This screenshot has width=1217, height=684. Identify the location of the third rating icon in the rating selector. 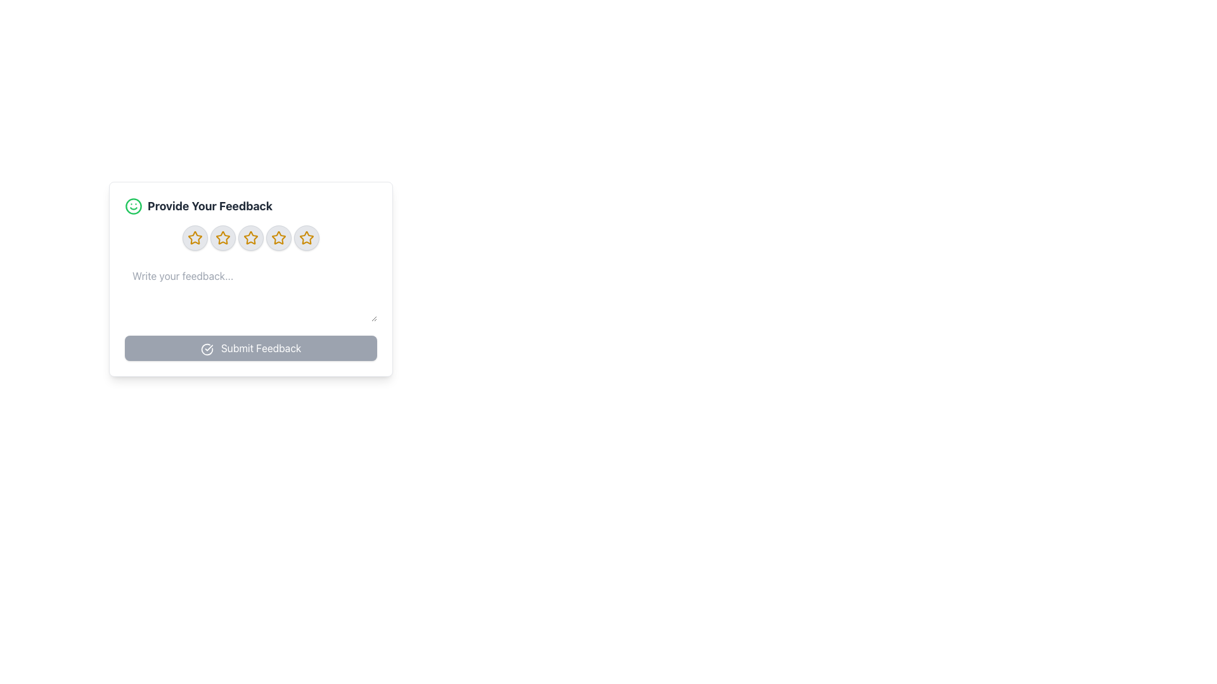
(250, 237).